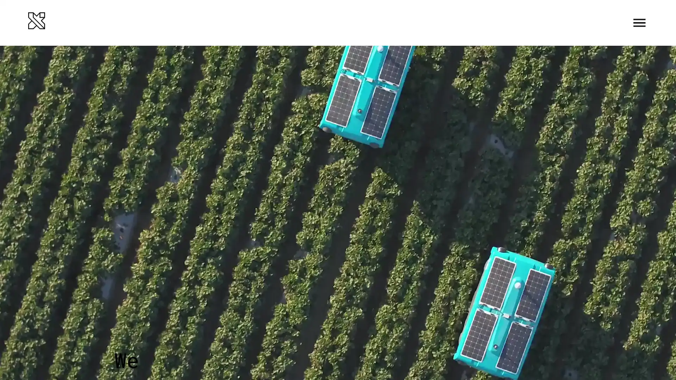 Image resolution: width=676 pixels, height=380 pixels. I want to click on Testing in the Australian skies Project Wing begins delivering food and other goods to families in rural areas around Canberra, Australia., so click(357, 53).